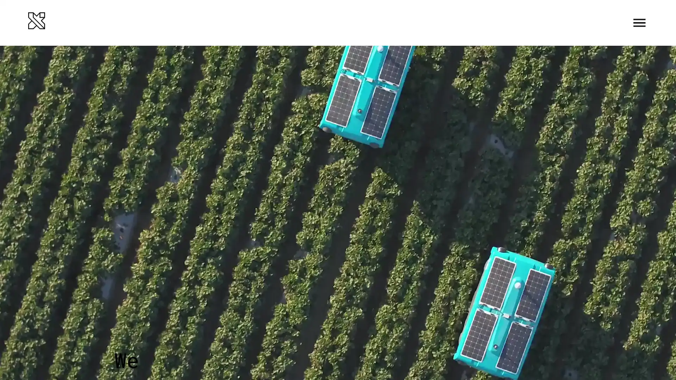 Image resolution: width=676 pixels, height=380 pixels. I want to click on Testing in the Australian skies Project Wing begins delivering food and other goods to families in rural areas around Canberra, Australia., so click(357, 53).